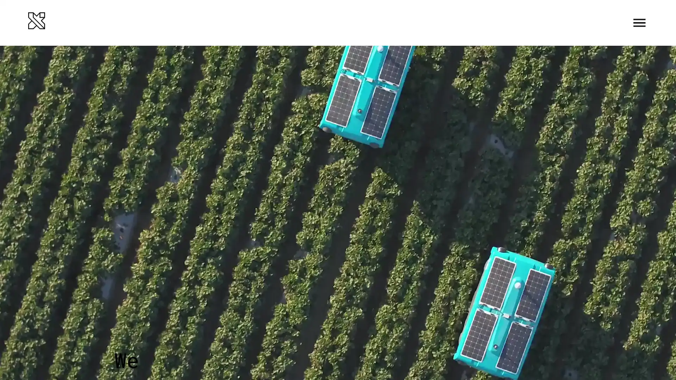 Image resolution: width=676 pixels, height=380 pixels. I want to click on Testing in the Australian skies Project Wing begins delivering food and other goods to families in rural areas around Canberra, Australia., so click(357, 53).